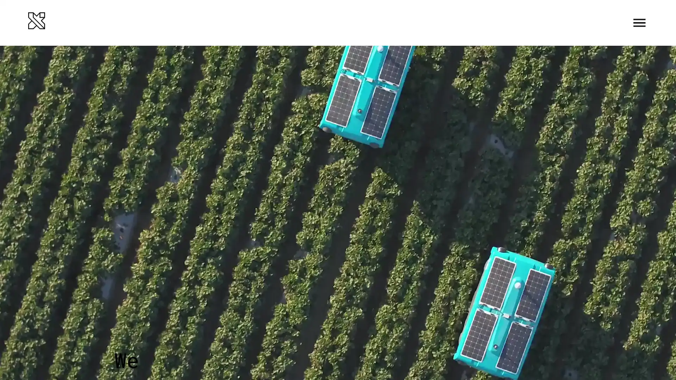 Image resolution: width=676 pixels, height=380 pixels. I want to click on Testing in the Australian skies Project Wing begins delivering food and other goods to families in rural areas around Canberra, Australia., so click(357, 53).